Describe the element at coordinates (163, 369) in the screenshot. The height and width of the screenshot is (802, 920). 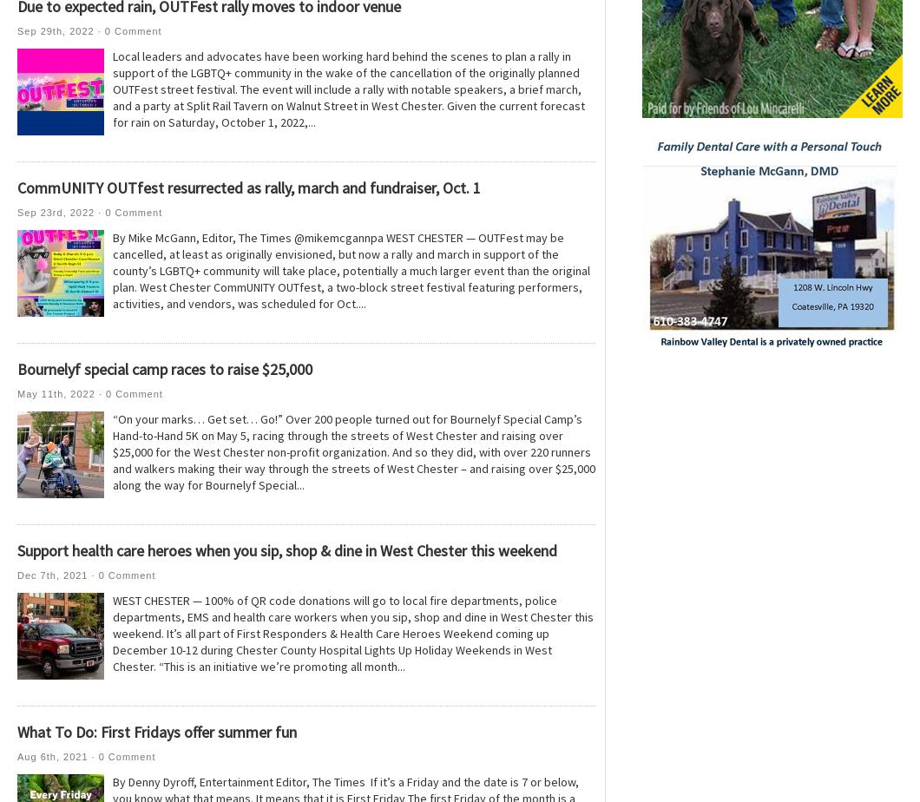
I see `'Bournelyf special camp races to raise $25,000'` at that location.